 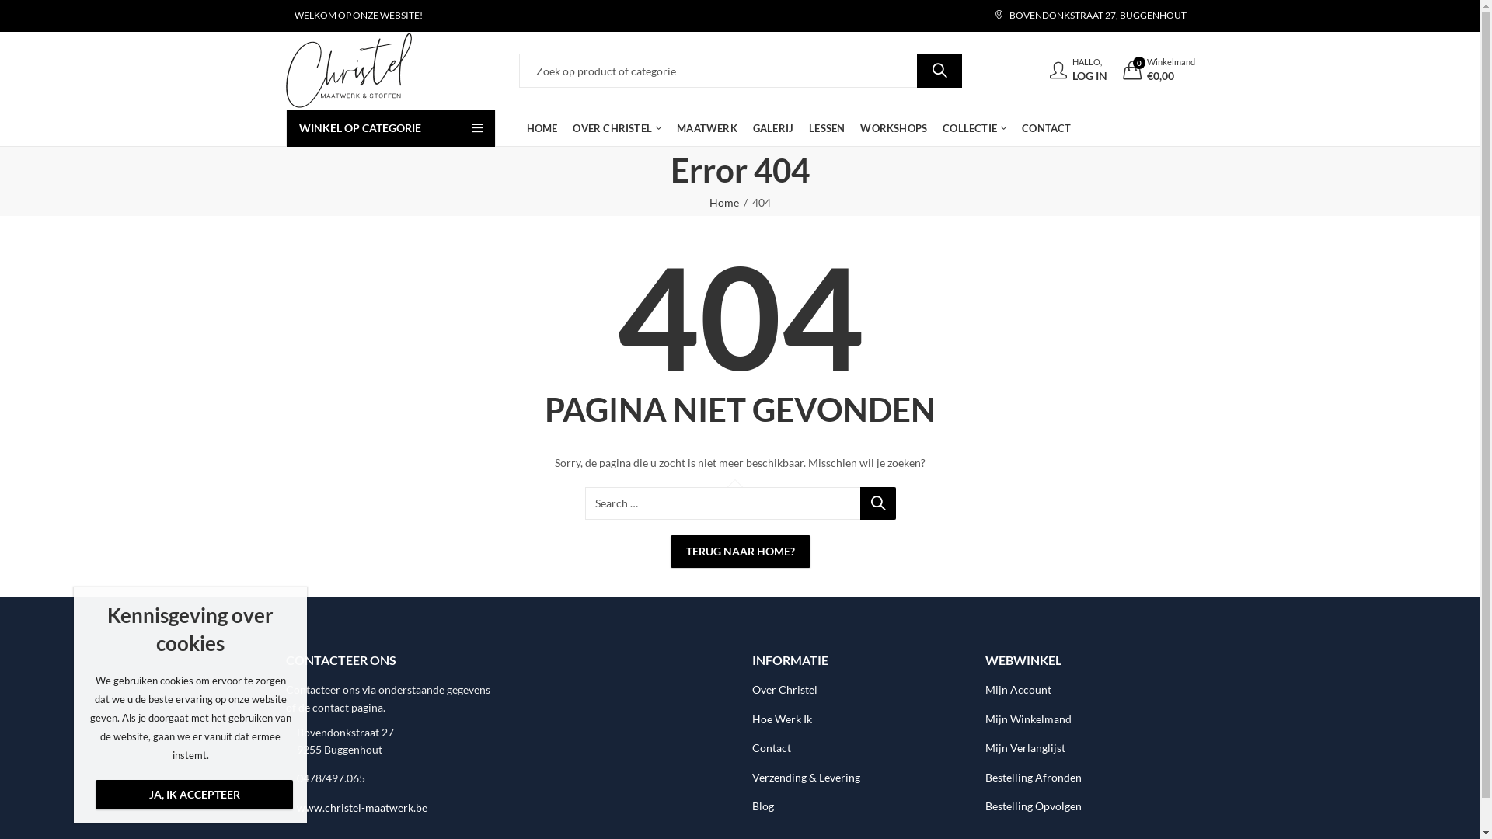 What do you see at coordinates (706, 127) in the screenshot?
I see `'MAATWERK'` at bounding box center [706, 127].